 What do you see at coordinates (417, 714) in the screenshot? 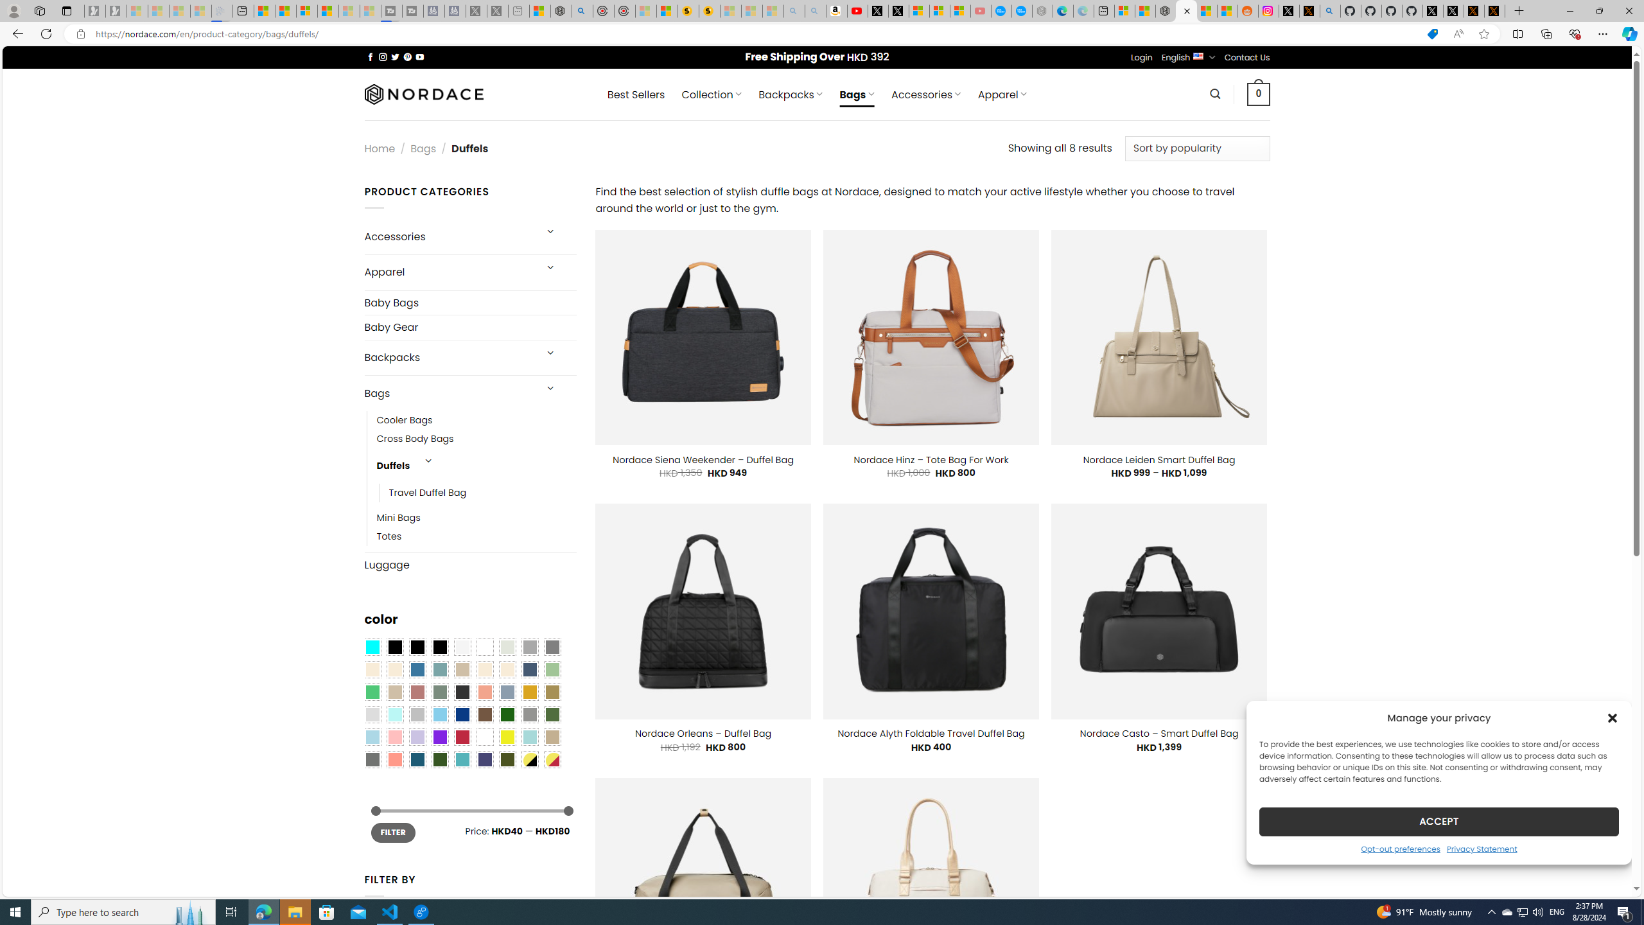
I see `'Silver'` at bounding box center [417, 714].